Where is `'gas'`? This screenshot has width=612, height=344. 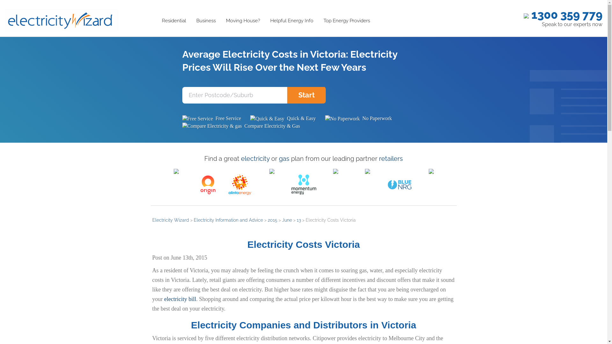
'gas' is located at coordinates (284, 158).